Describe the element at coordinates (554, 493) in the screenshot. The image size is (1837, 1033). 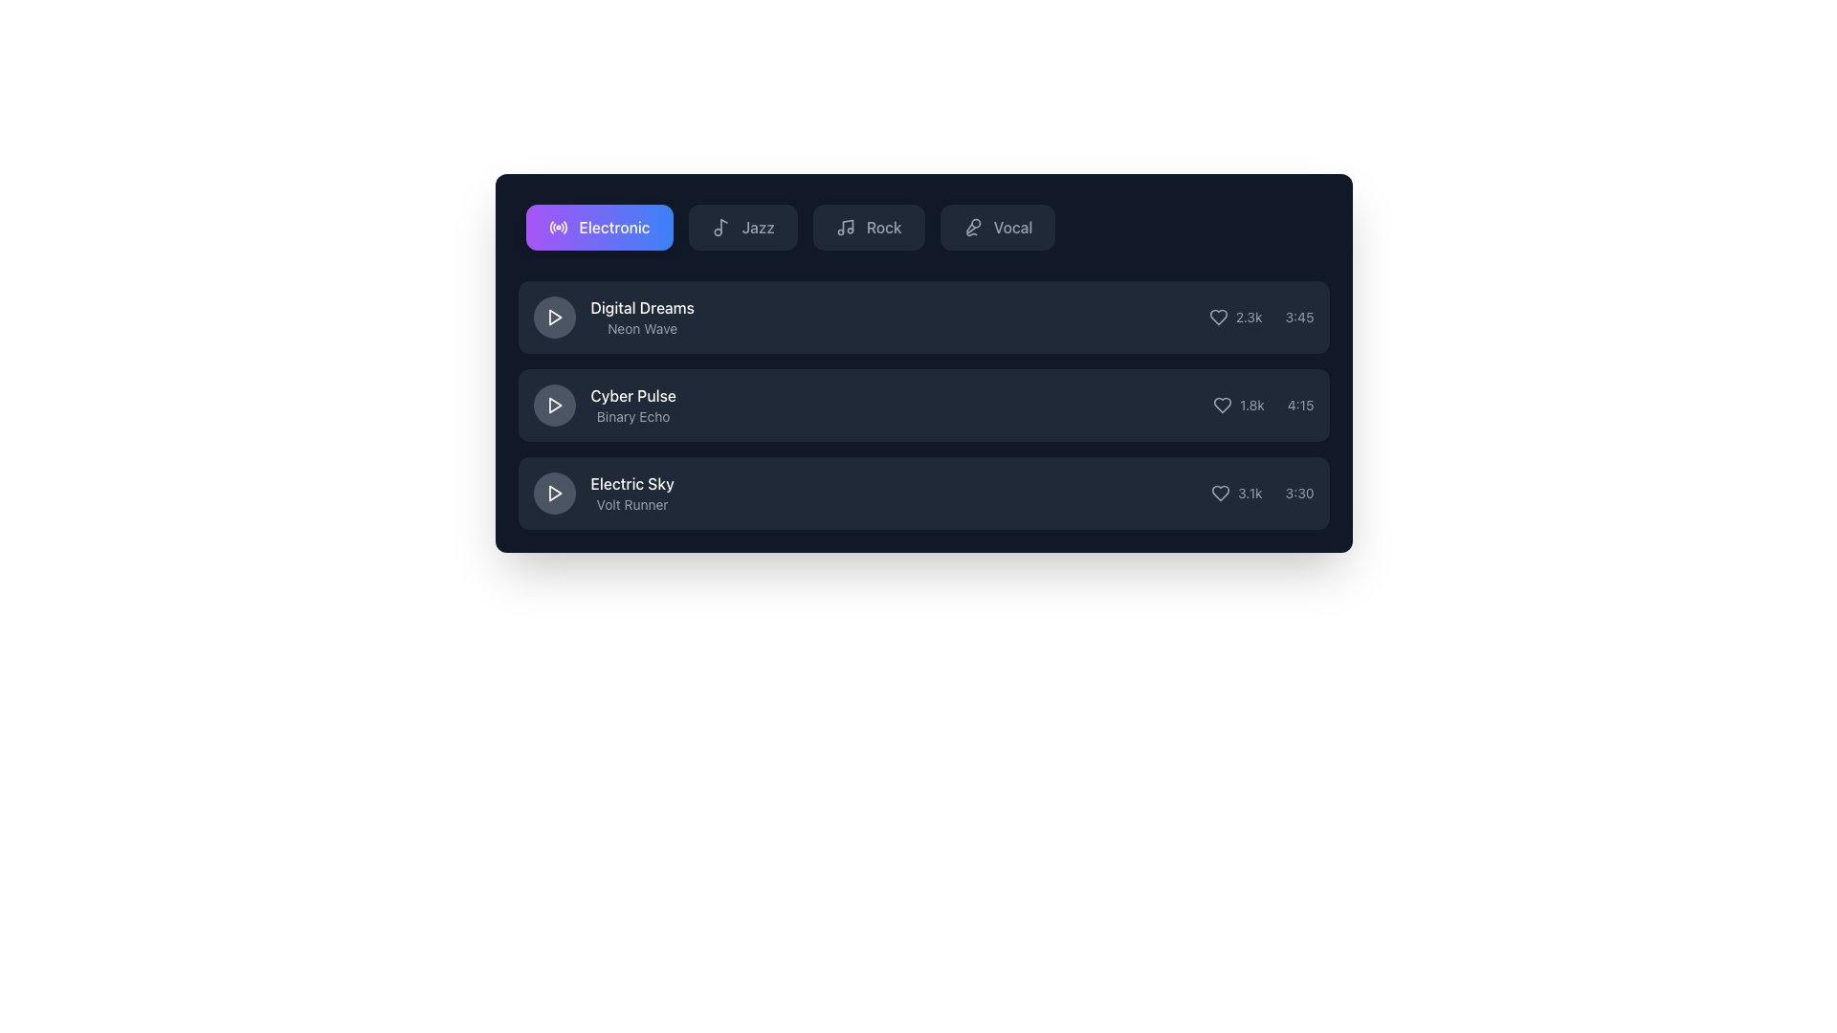
I see `the play icon for the track 'Electric Sky' by 'Volt Runner'` at that location.